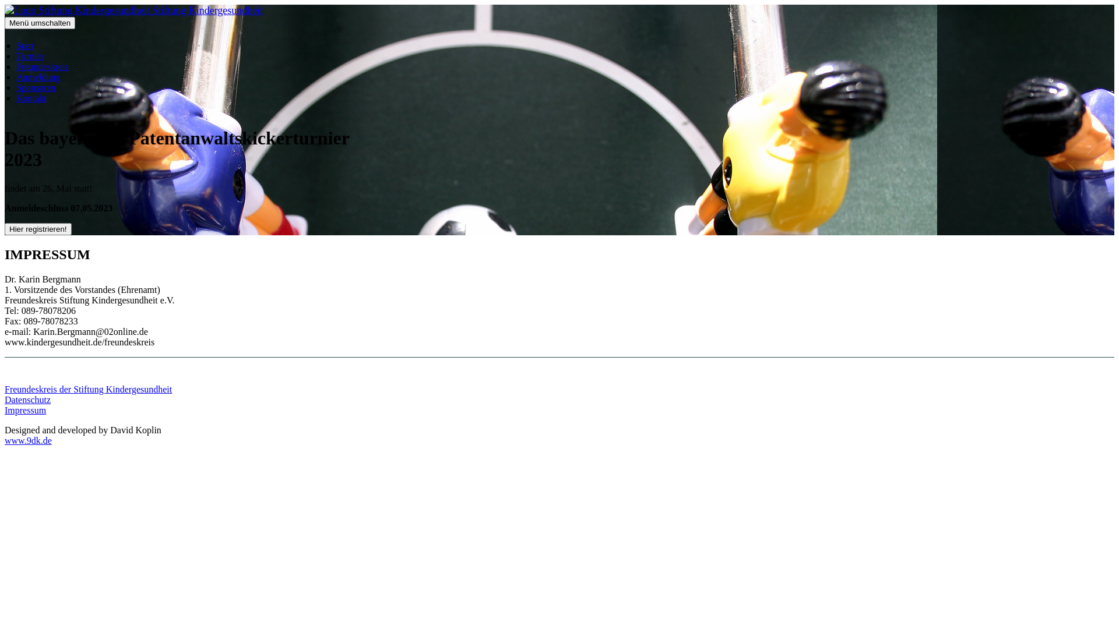 The image size is (1119, 629). I want to click on 'Datenschutz', so click(27, 399).